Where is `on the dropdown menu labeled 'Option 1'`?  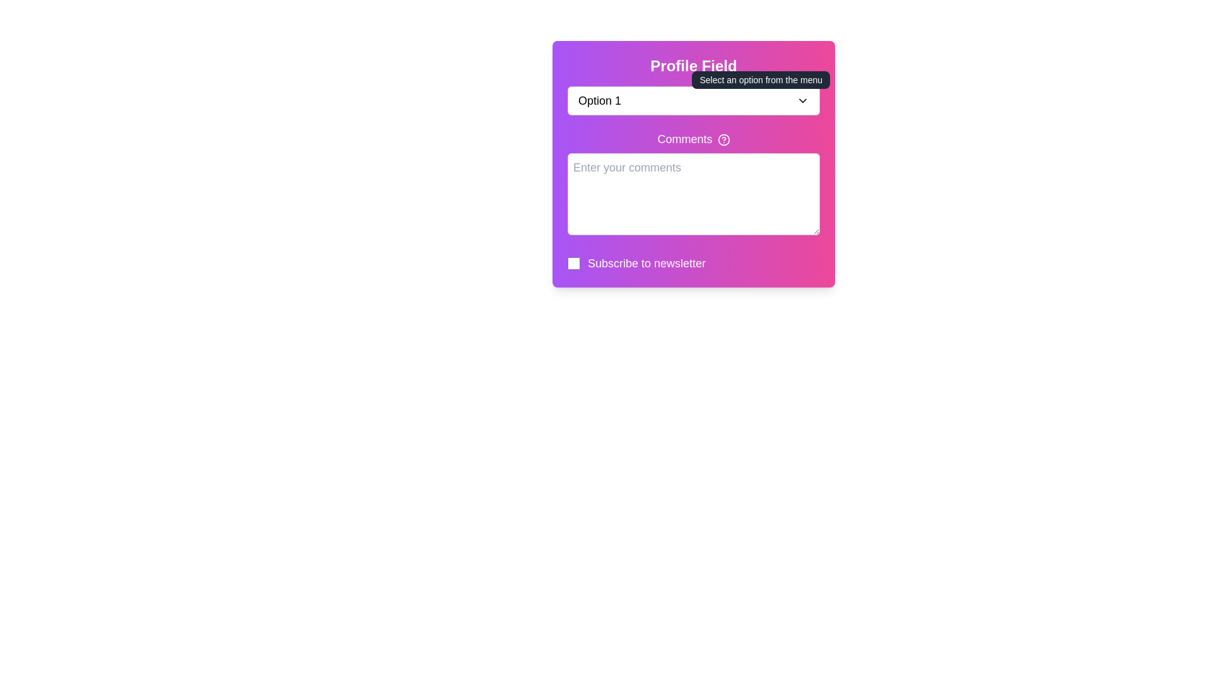 on the dropdown menu labeled 'Option 1' is located at coordinates (693, 100).